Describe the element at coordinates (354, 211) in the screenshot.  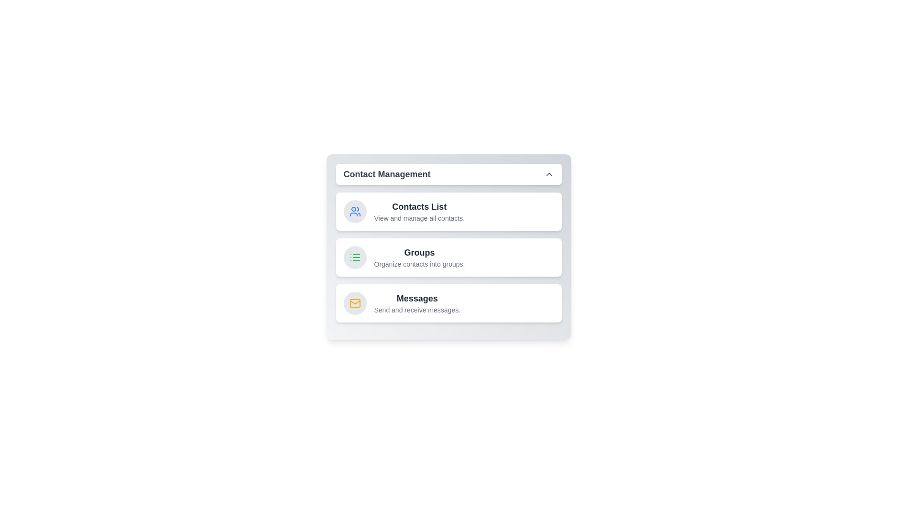
I see `the icon of the menu item Contacts List to interact with it` at that location.